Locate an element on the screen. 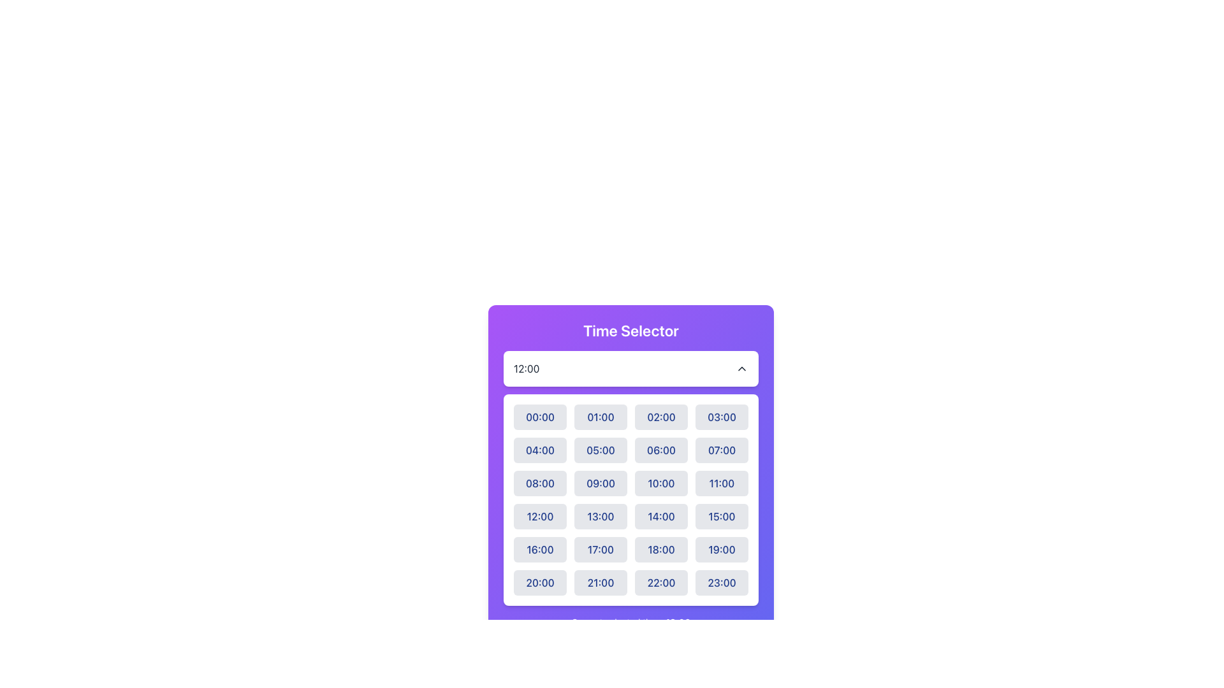  the '00:00' time option button in the 'Time Selector' modal by focusing on it using the keyboard is located at coordinates (540, 417).